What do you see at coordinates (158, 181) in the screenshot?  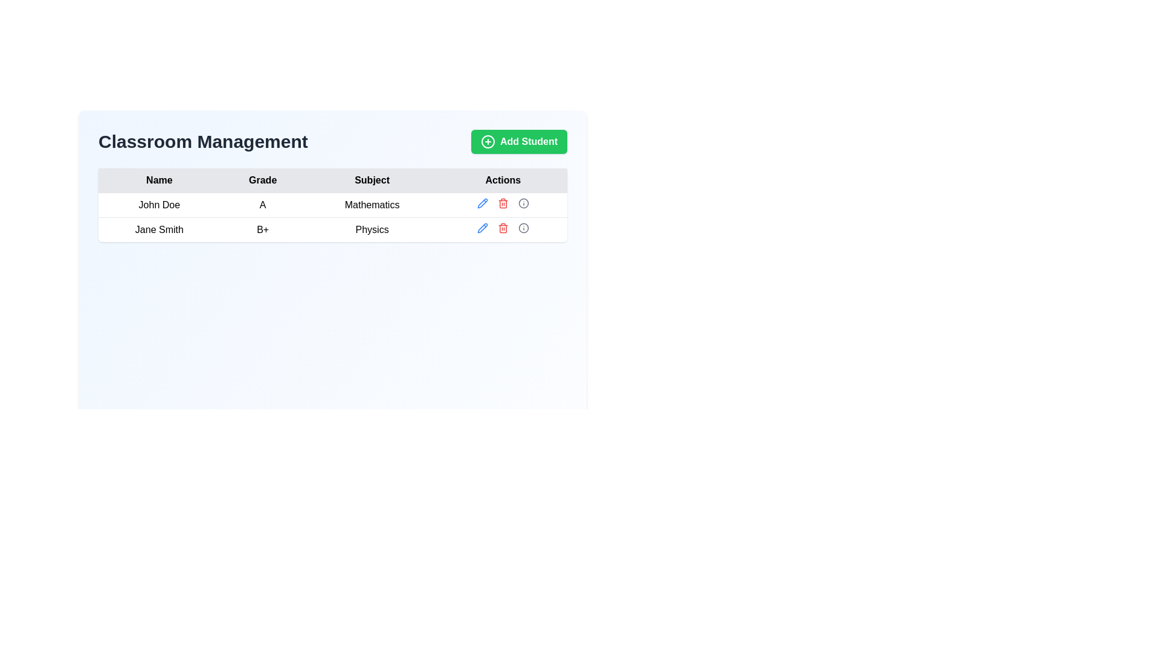 I see `the 'Name' column header text label, which serves as a visual guide for the data type in the table` at bounding box center [158, 181].